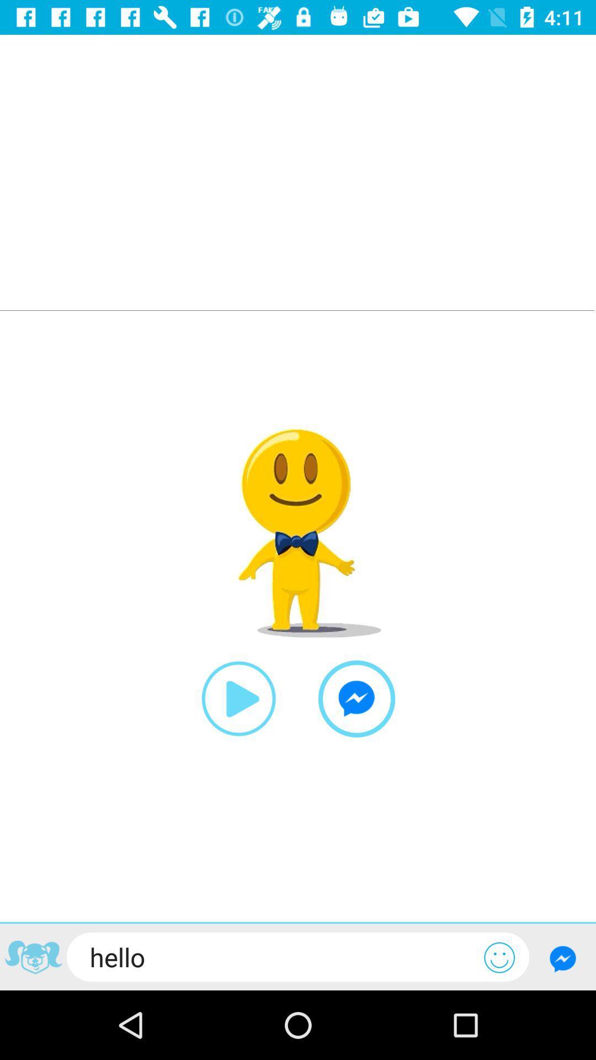 This screenshot has height=1060, width=596. I want to click on instant message, so click(356, 698).